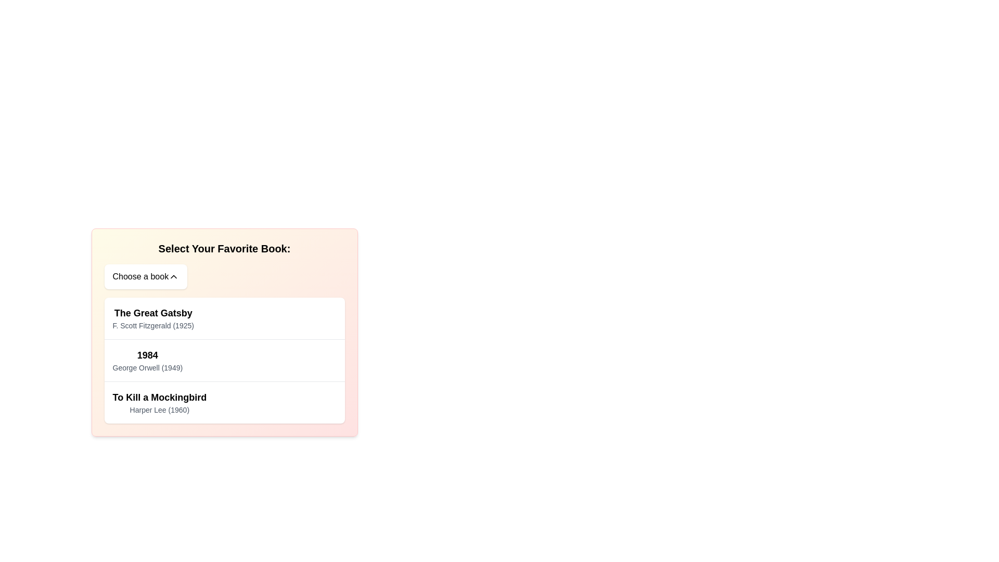 Image resolution: width=999 pixels, height=562 pixels. What do you see at coordinates (159, 397) in the screenshot?
I see `the text label presenting the title 'To Kill a Mockingbird', which is located in the third card of a vertical list of book options` at bounding box center [159, 397].